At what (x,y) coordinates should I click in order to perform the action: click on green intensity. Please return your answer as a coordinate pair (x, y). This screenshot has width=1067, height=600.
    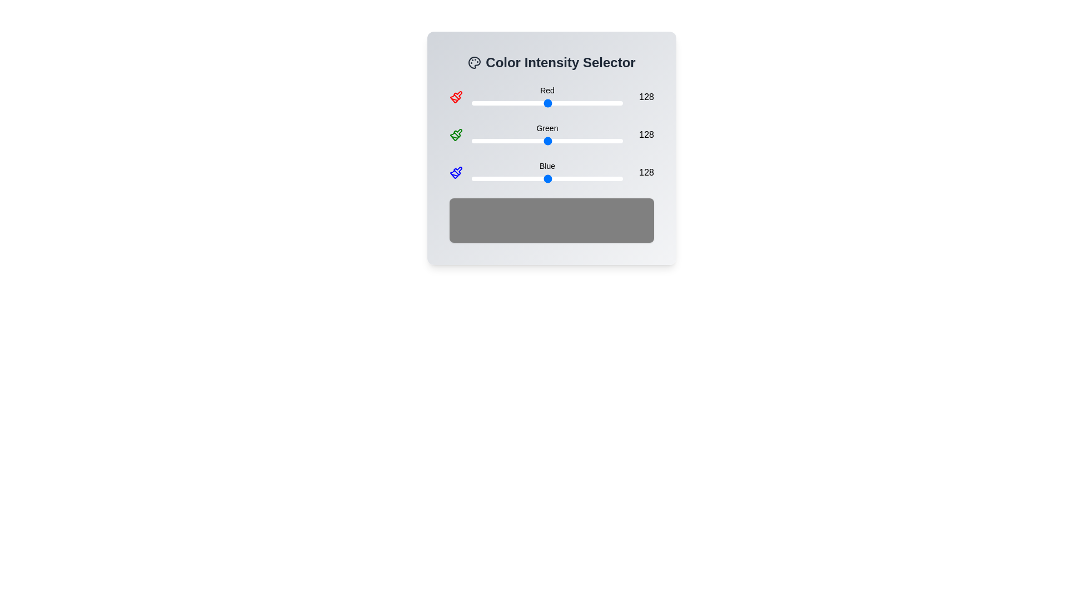
    Looking at the image, I should click on (498, 141).